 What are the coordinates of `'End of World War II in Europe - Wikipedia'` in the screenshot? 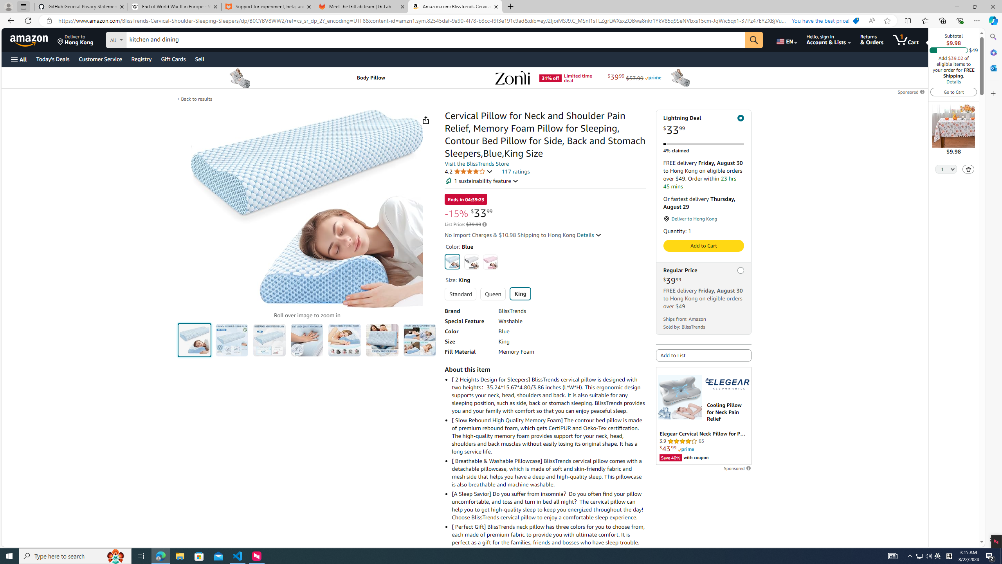 It's located at (174, 6).